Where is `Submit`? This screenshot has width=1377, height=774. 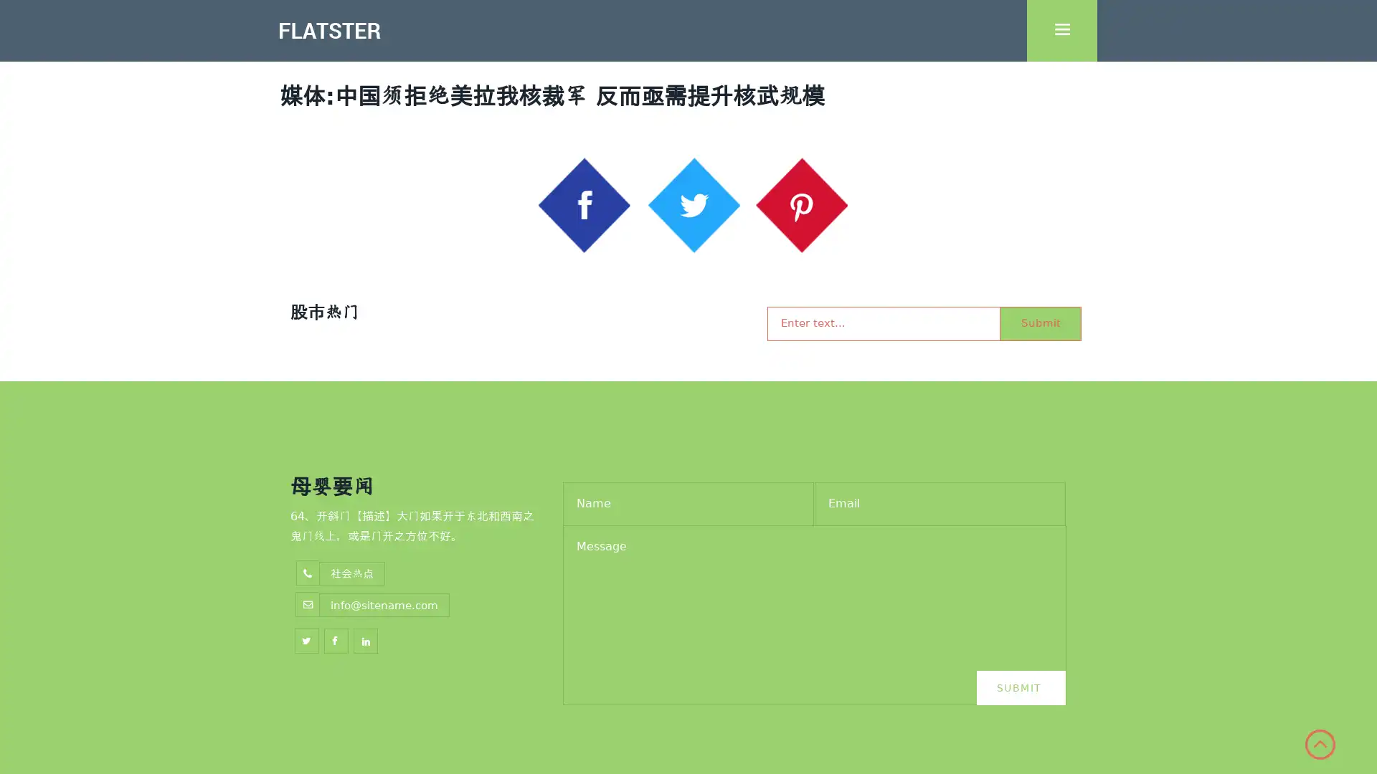
Submit is located at coordinates (1033, 323).